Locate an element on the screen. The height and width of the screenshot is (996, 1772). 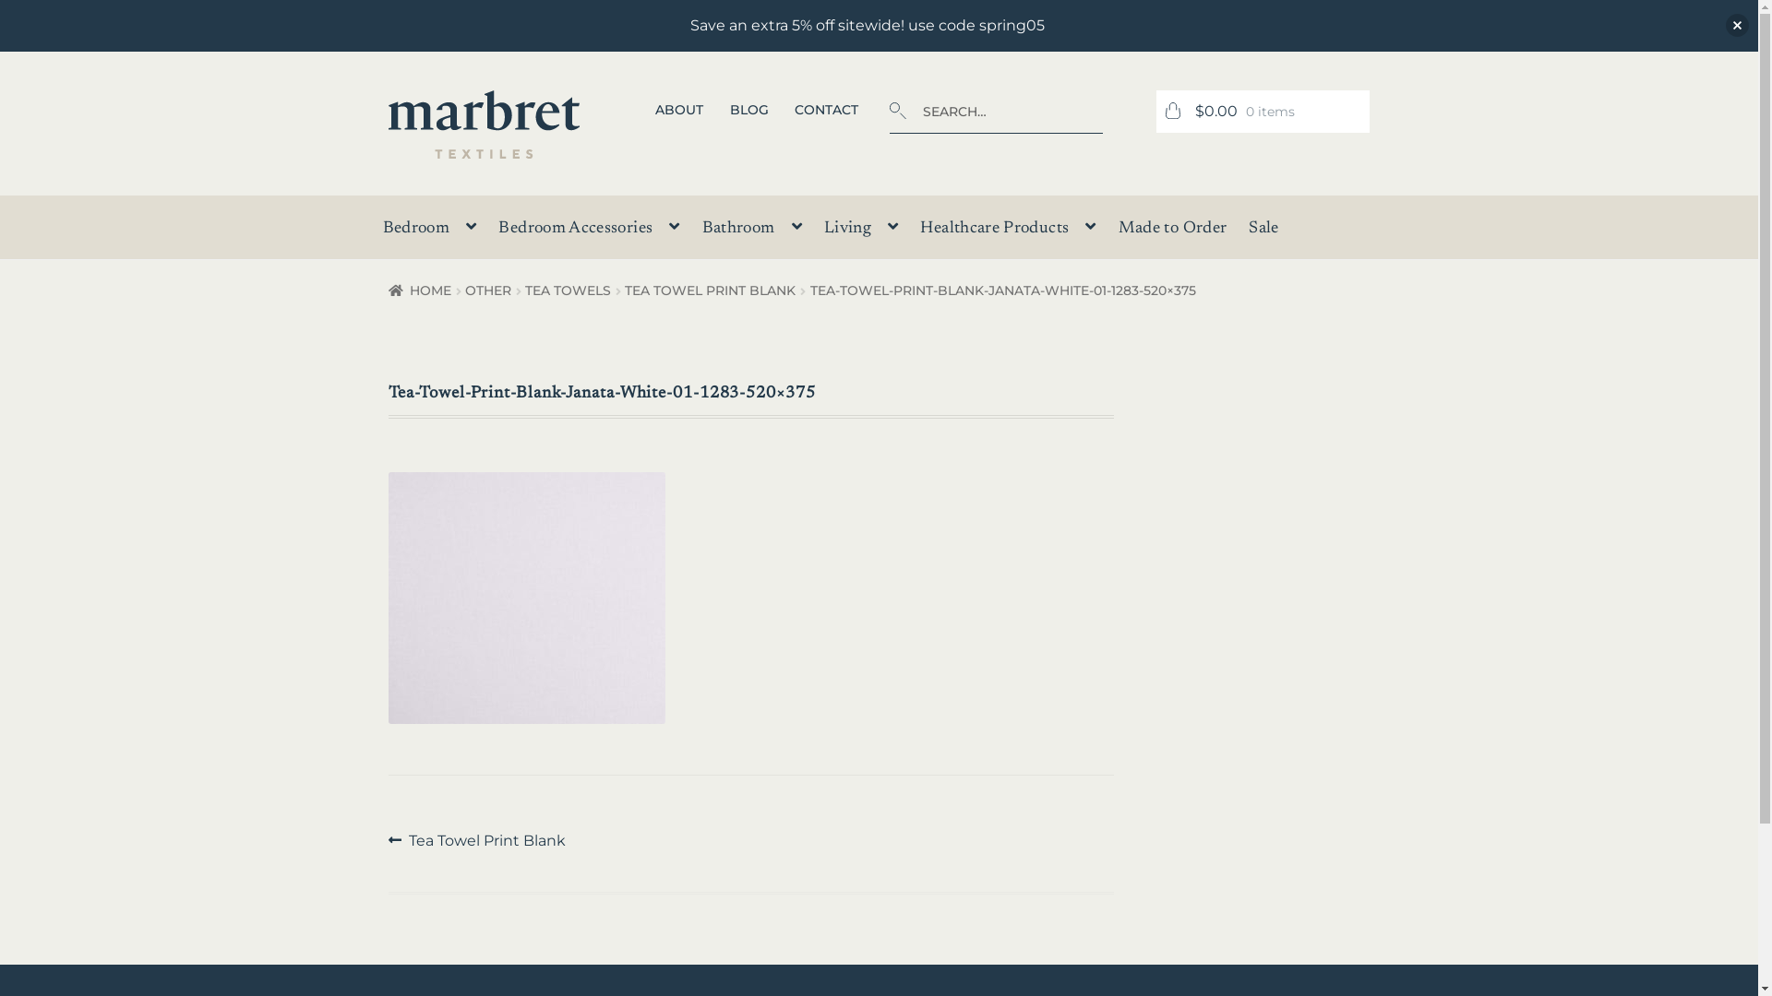
'CONTACT' is located at coordinates (826, 110).